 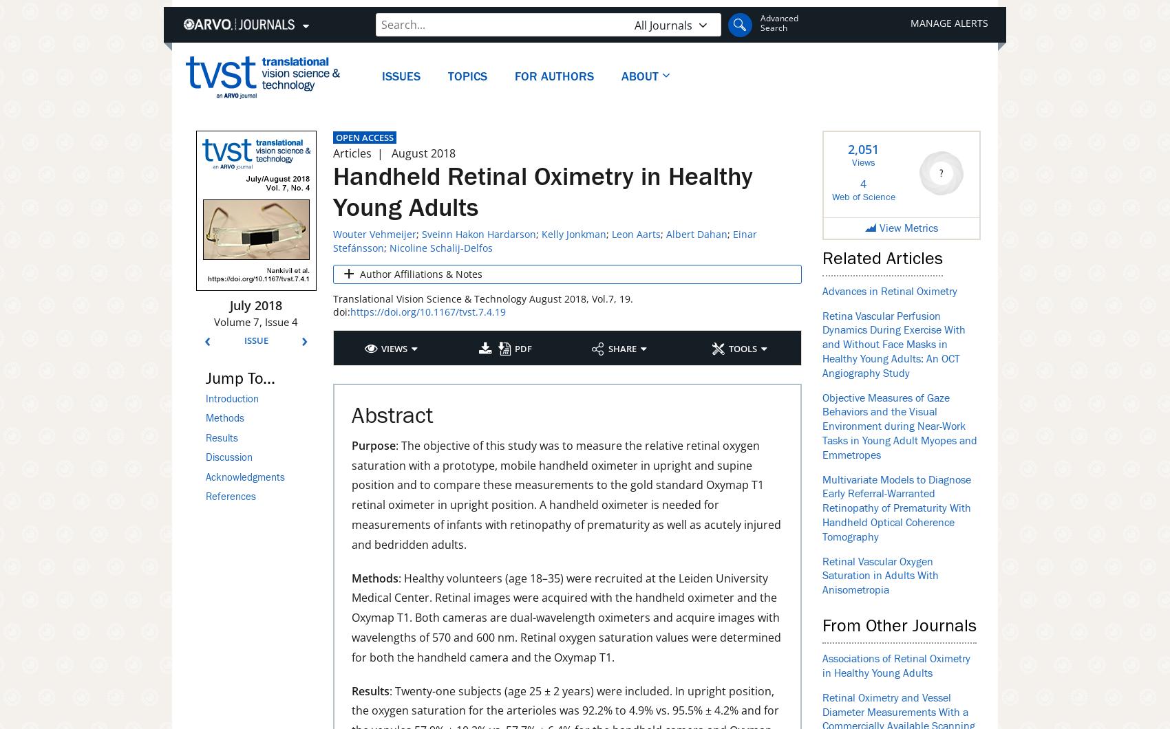 What do you see at coordinates (392, 415) in the screenshot?
I see `'Abstract'` at bounding box center [392, 415].